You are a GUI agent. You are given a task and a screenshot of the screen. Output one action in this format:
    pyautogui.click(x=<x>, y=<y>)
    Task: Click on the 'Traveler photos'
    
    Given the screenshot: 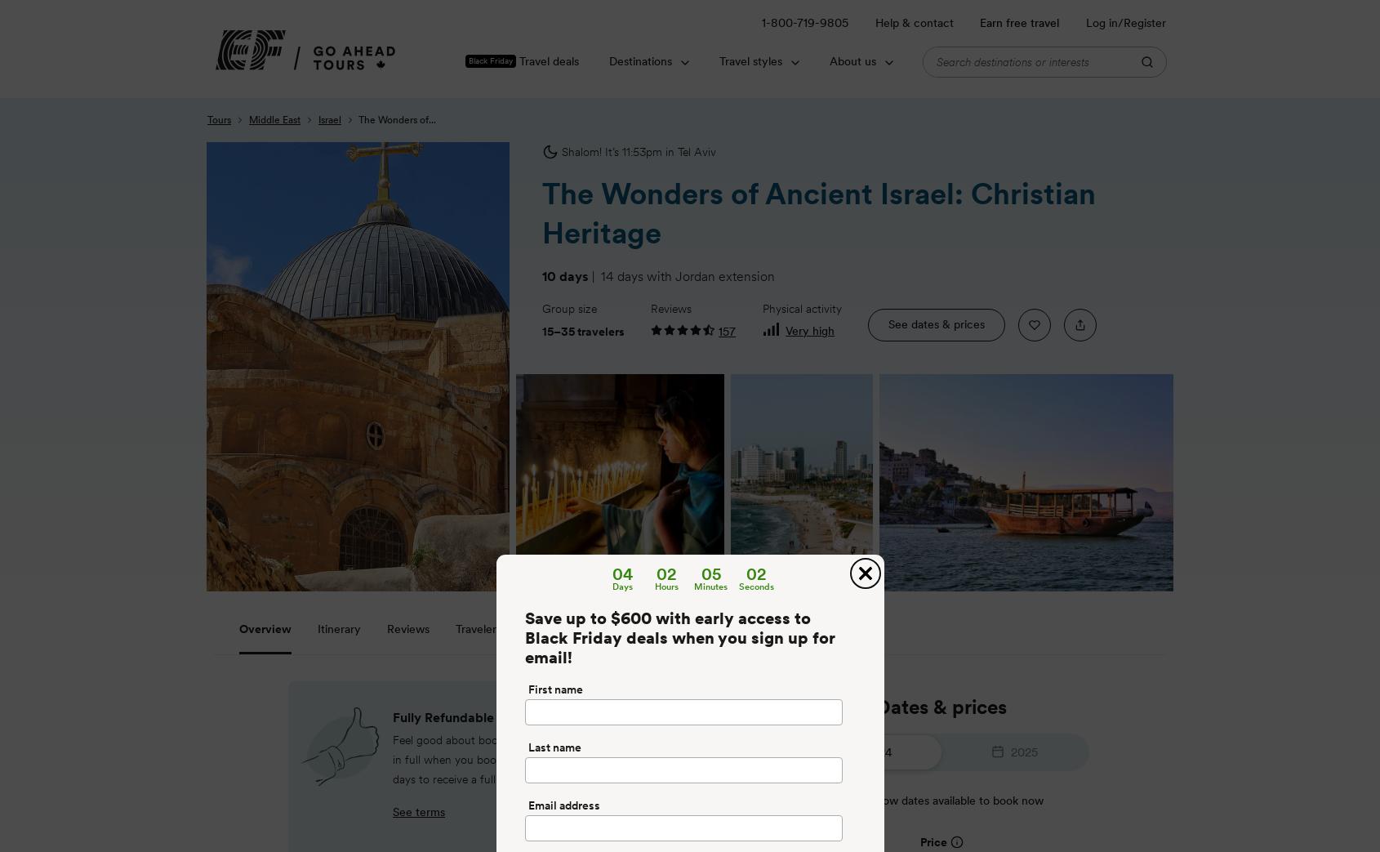 What is the action you would take?
    pyautogui.click(x=495, y=628)
    